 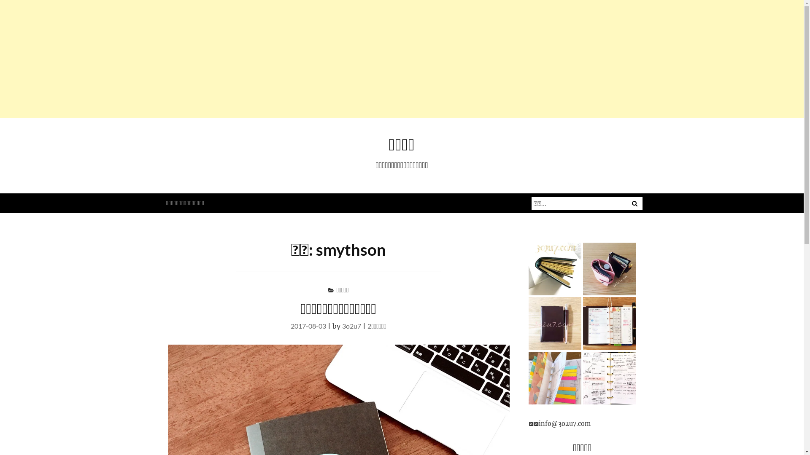 I want to click on '3o2u7', so click(x=342, y=325).